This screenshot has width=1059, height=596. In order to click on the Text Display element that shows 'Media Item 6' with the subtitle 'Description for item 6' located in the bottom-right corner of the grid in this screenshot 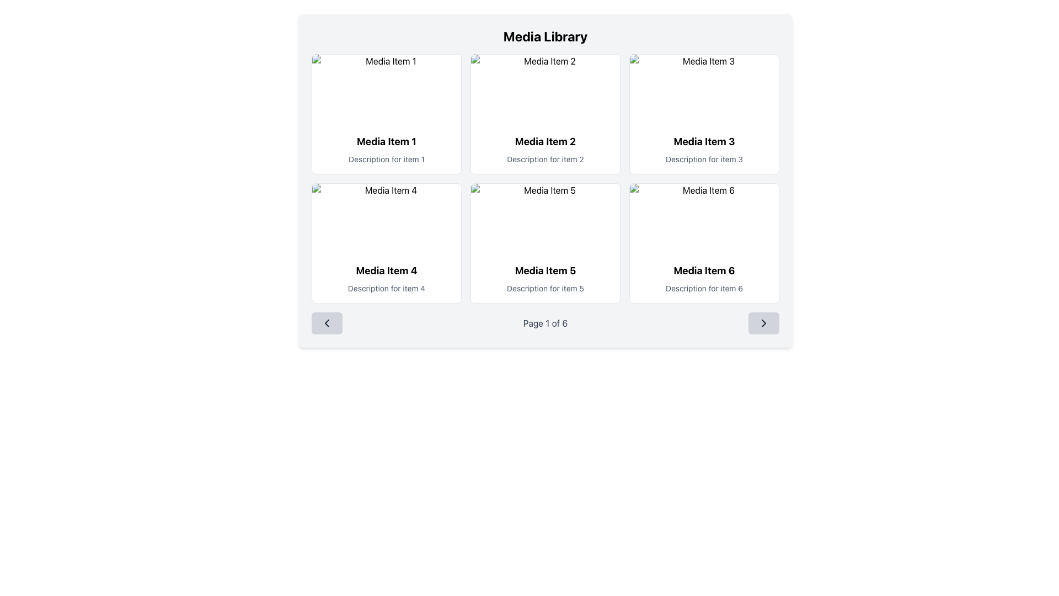, I will do `click(703, 278)`.